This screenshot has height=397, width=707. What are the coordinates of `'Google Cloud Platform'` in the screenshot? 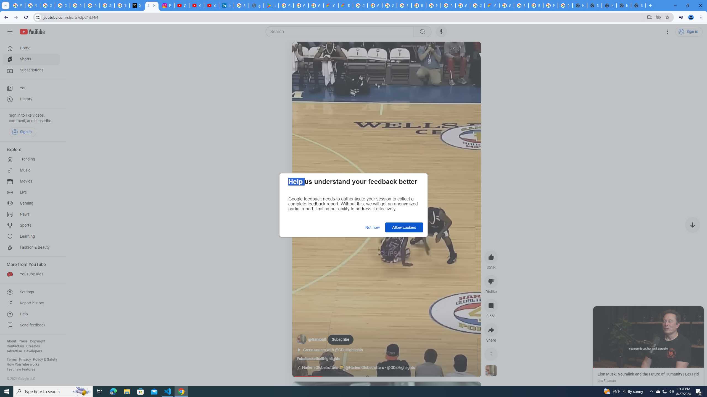 It's located at (463, 5).